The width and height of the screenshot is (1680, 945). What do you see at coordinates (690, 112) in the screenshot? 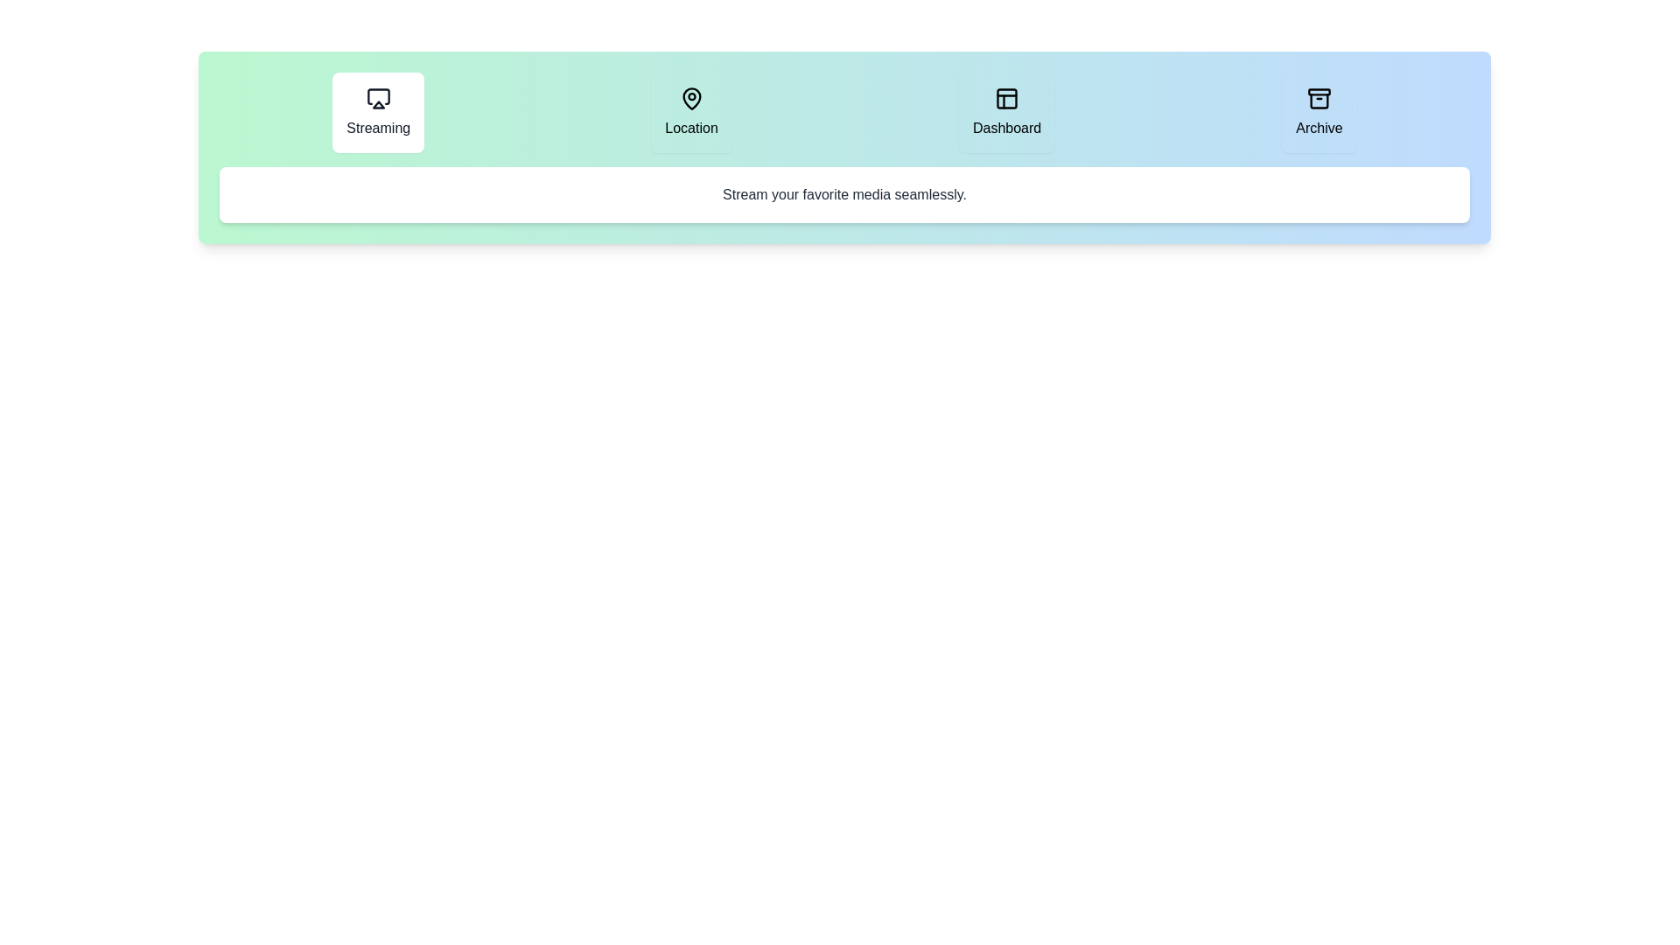
I see `the tab labeled Location` at bounding box center [690, 112].